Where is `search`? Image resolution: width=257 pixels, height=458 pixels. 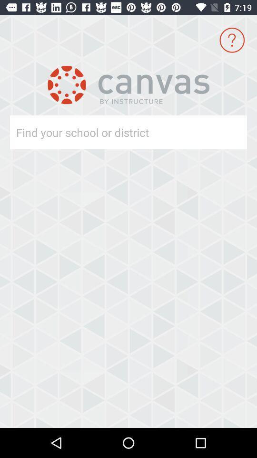 search is located at coordinates (111, 132).